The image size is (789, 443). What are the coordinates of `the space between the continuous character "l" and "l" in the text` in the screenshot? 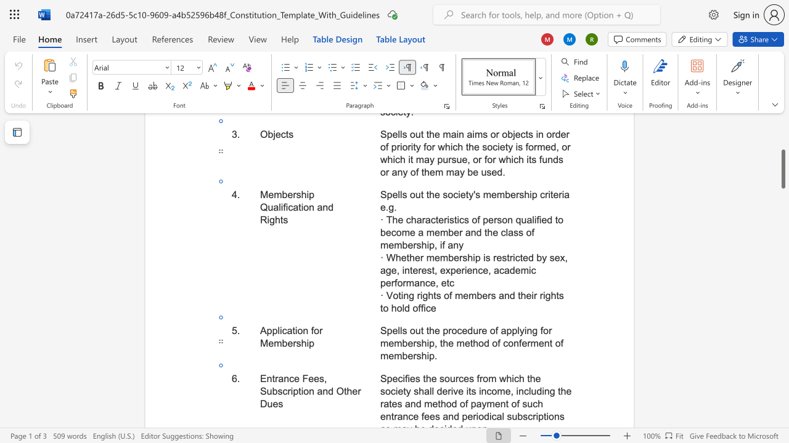 It's located at (399, 330).